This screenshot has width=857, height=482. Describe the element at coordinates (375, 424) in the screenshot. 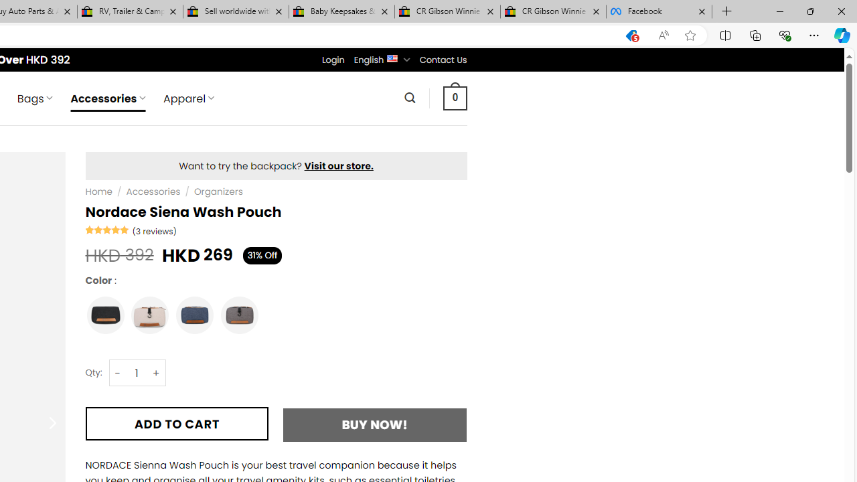

I see `'BUY NOW!'` at that location.